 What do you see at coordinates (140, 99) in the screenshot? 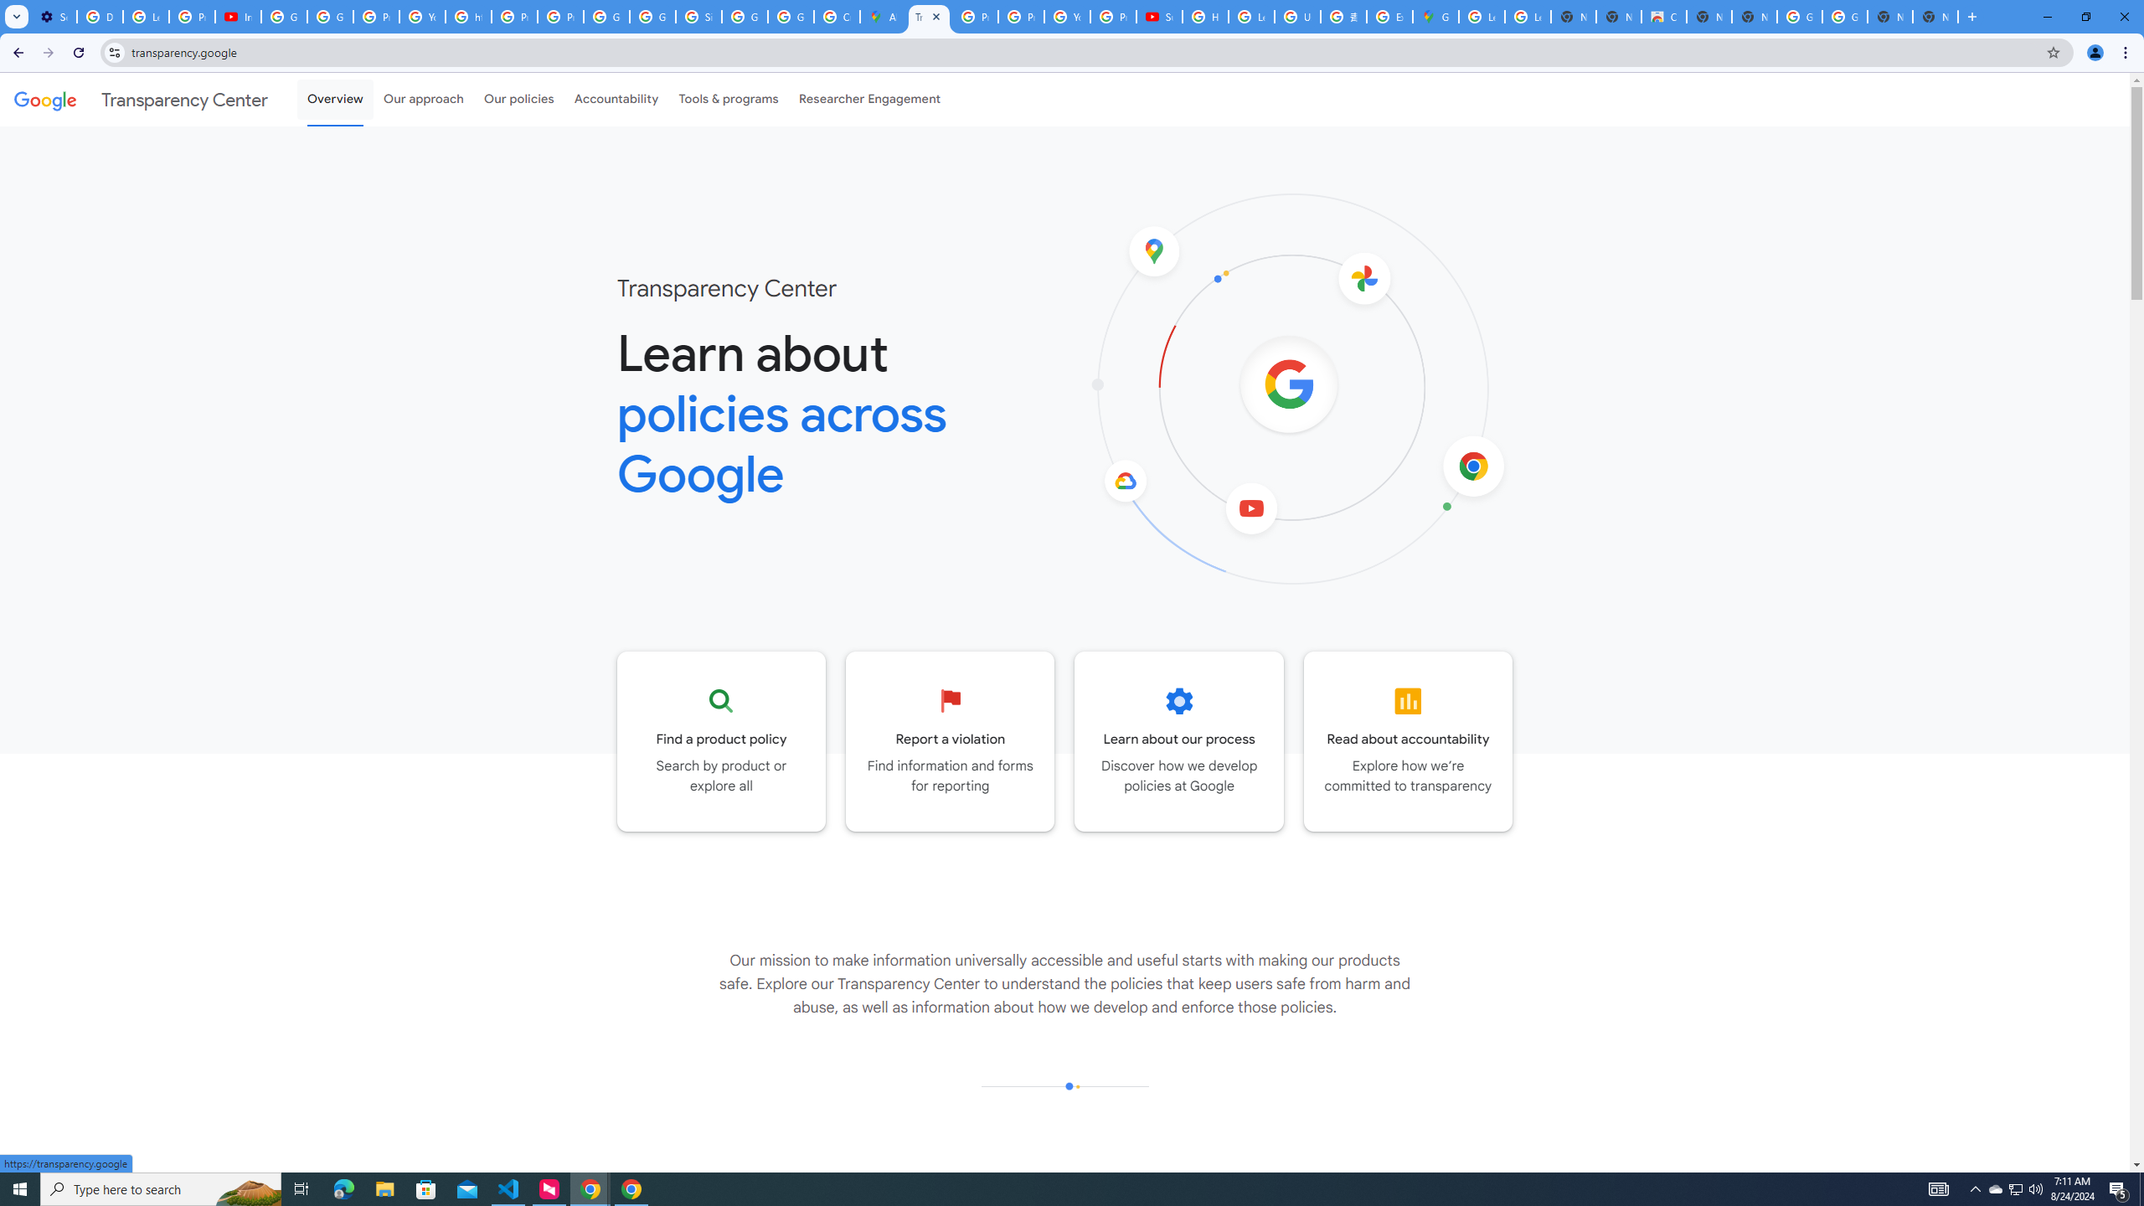
I see `'Transparency Center'` at bounding box center [140, 99].